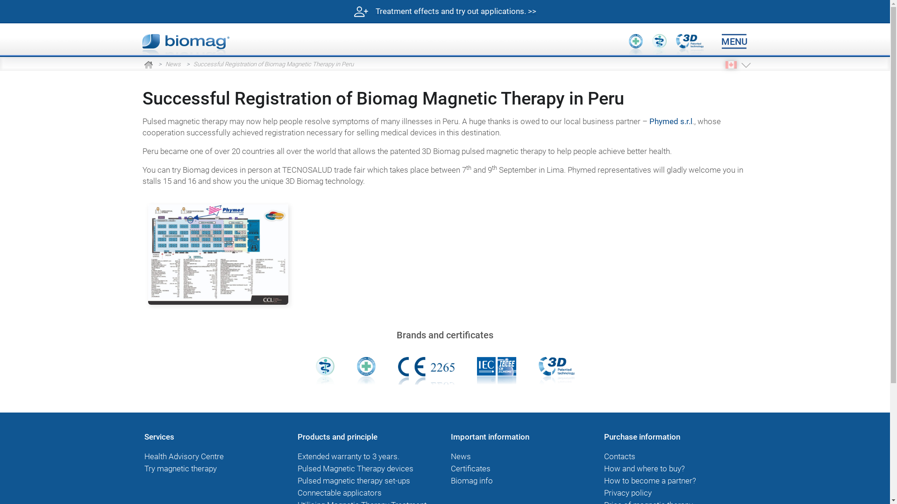 The image size is (897, 504). Describe the element at coordinates (471, 480) in the screenshot. I see `'Biomag info'` at that location.